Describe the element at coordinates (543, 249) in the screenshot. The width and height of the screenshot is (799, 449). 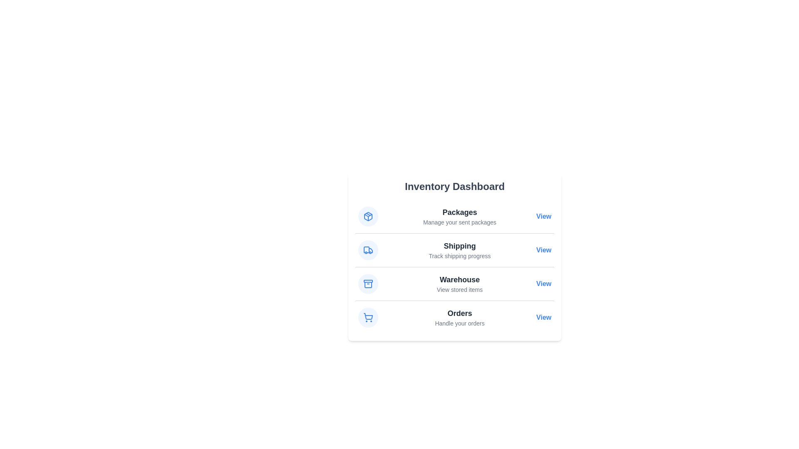
I see `the 'View' link for Shipping` at that location.